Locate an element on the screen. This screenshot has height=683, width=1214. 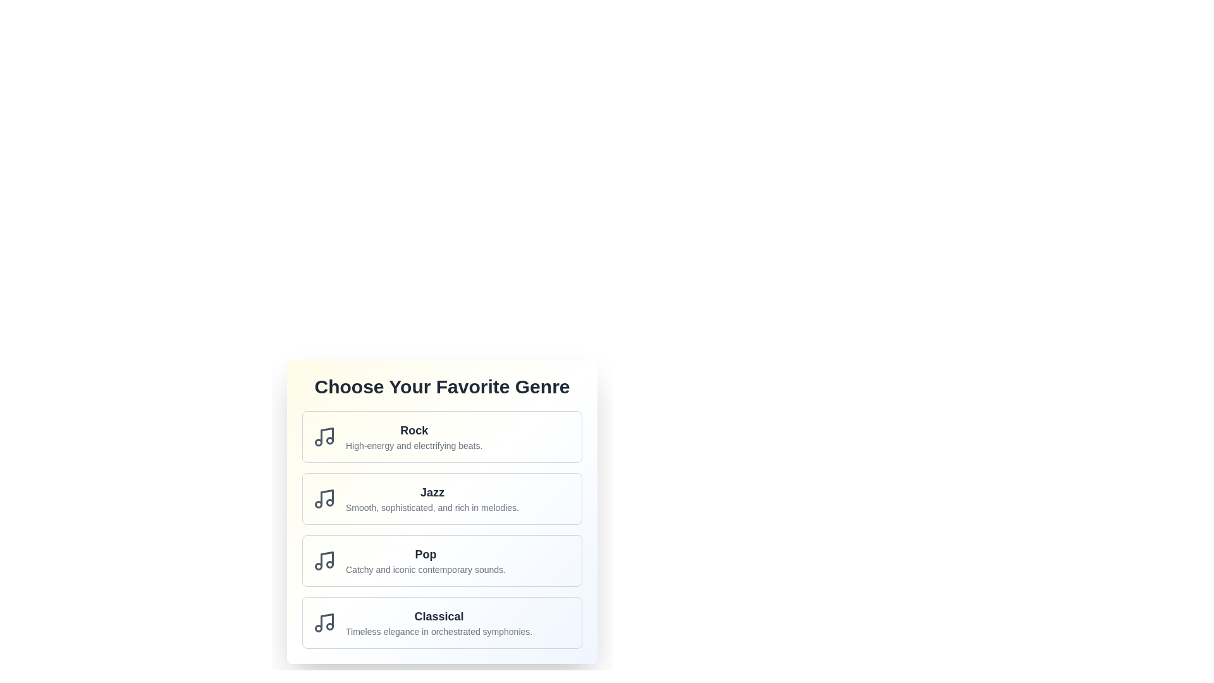
the 'Pop' genre selection box for keyboard navigation is located at coordinates (442, 560).